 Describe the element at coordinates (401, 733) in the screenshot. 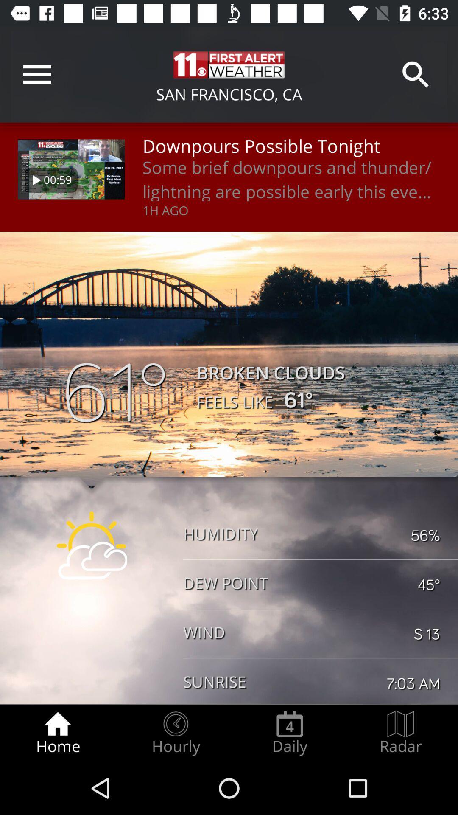

I see `the radar radio button` at that location.